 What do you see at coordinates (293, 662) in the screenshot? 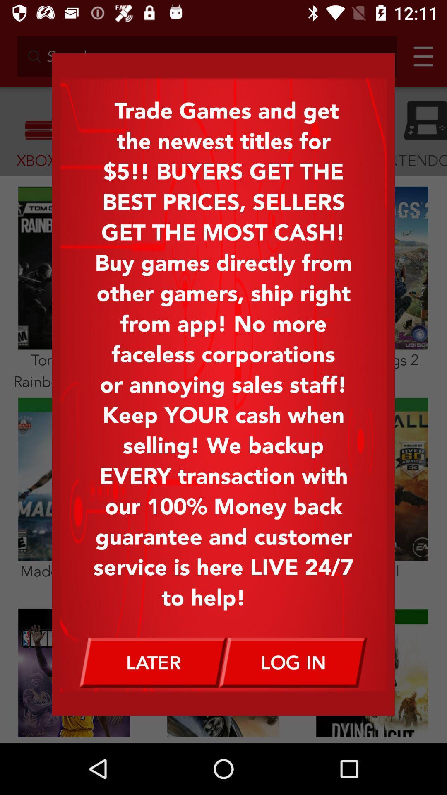
I see `log in icon` at bounding box center [293, 662].